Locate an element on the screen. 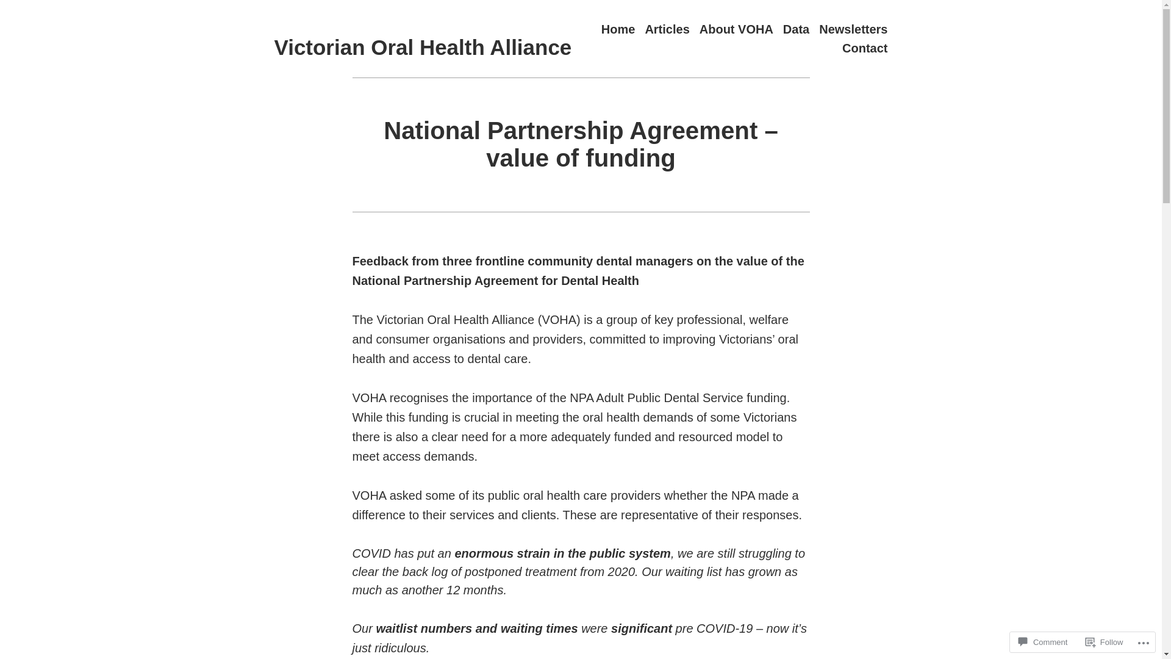  'Home' is located at coordinates (618, 28).